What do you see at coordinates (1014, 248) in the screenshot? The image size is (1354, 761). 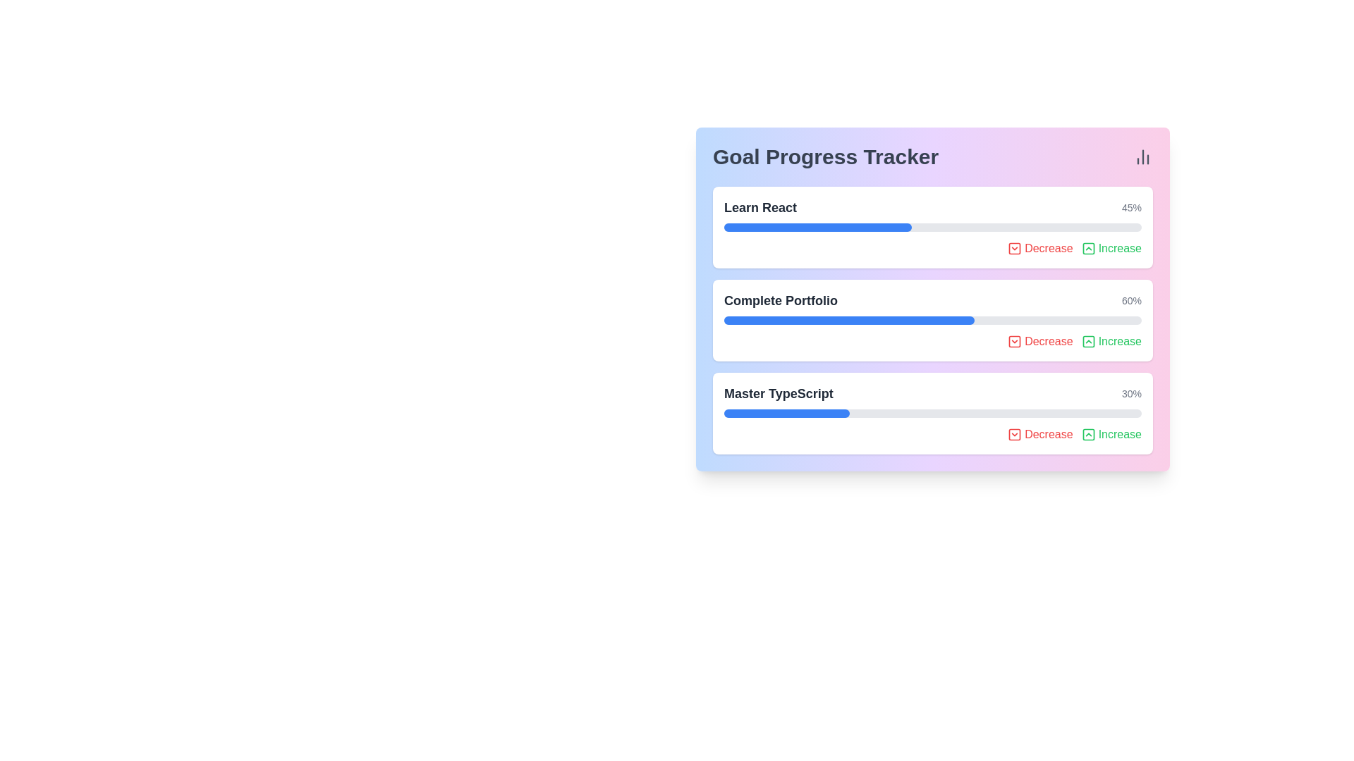 I see `the decorative graphic element within the SVG that serves as a background for the icon components, positioned slightly offset to the left and centered vertically` at bounding box center [1014, 248].